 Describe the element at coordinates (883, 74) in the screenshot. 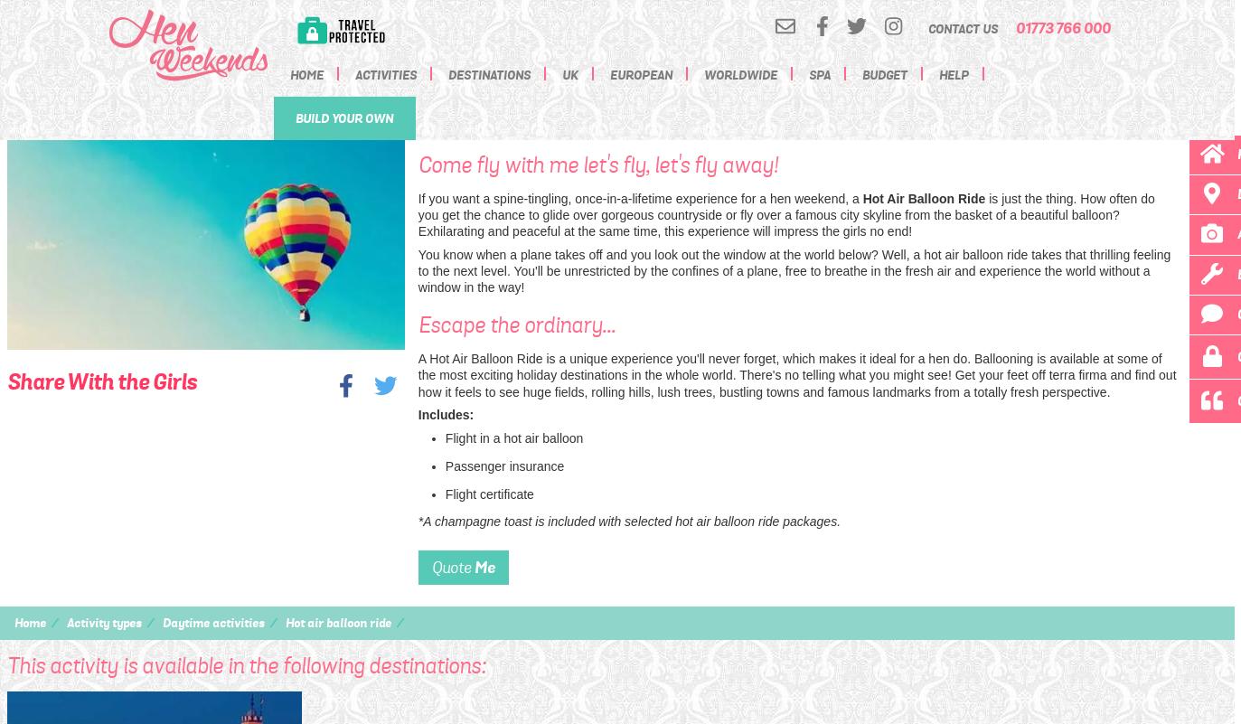

I see `'Budget'` at that location.